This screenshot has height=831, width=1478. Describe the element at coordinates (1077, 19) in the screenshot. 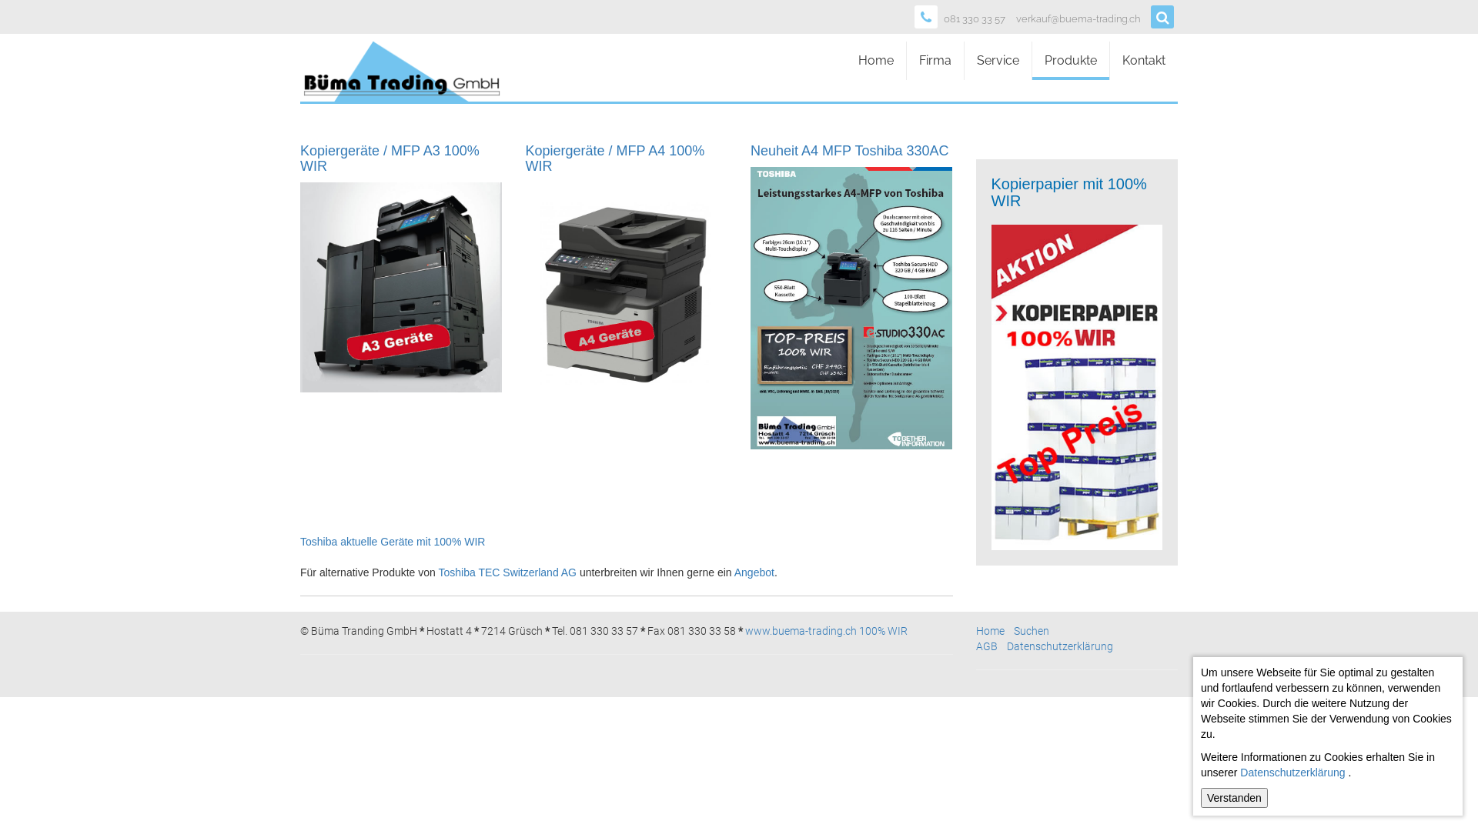

I see `'verkauf@buema-trading.ch'` at that location.